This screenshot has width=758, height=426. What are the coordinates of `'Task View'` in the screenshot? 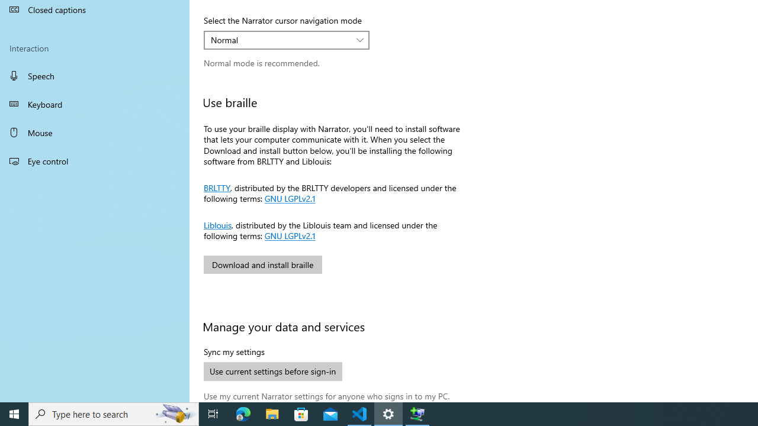 It's located at (213, 413).